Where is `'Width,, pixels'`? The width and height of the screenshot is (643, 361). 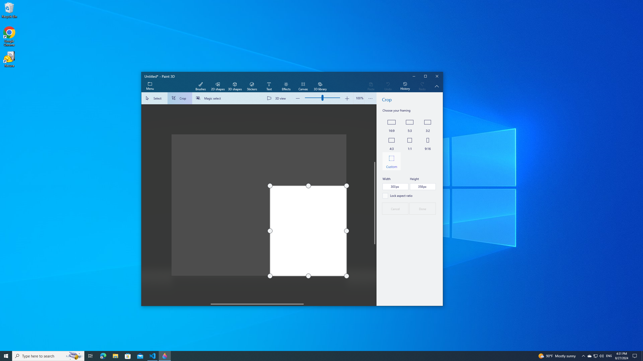 'Width,, pixels' is located at coordinates (395, 186).